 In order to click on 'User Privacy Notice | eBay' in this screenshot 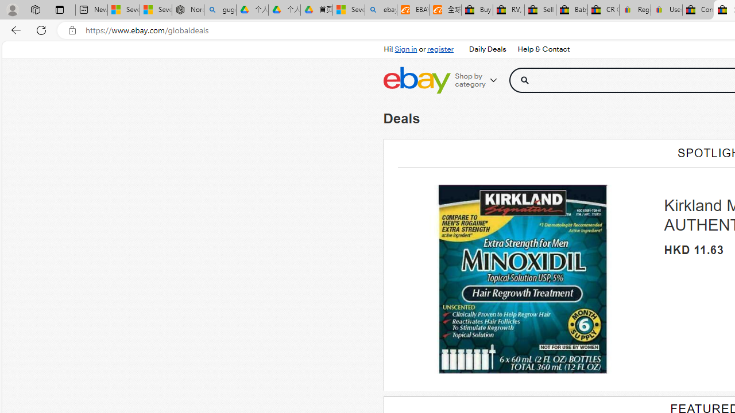, I will do `click(666, 10)`.